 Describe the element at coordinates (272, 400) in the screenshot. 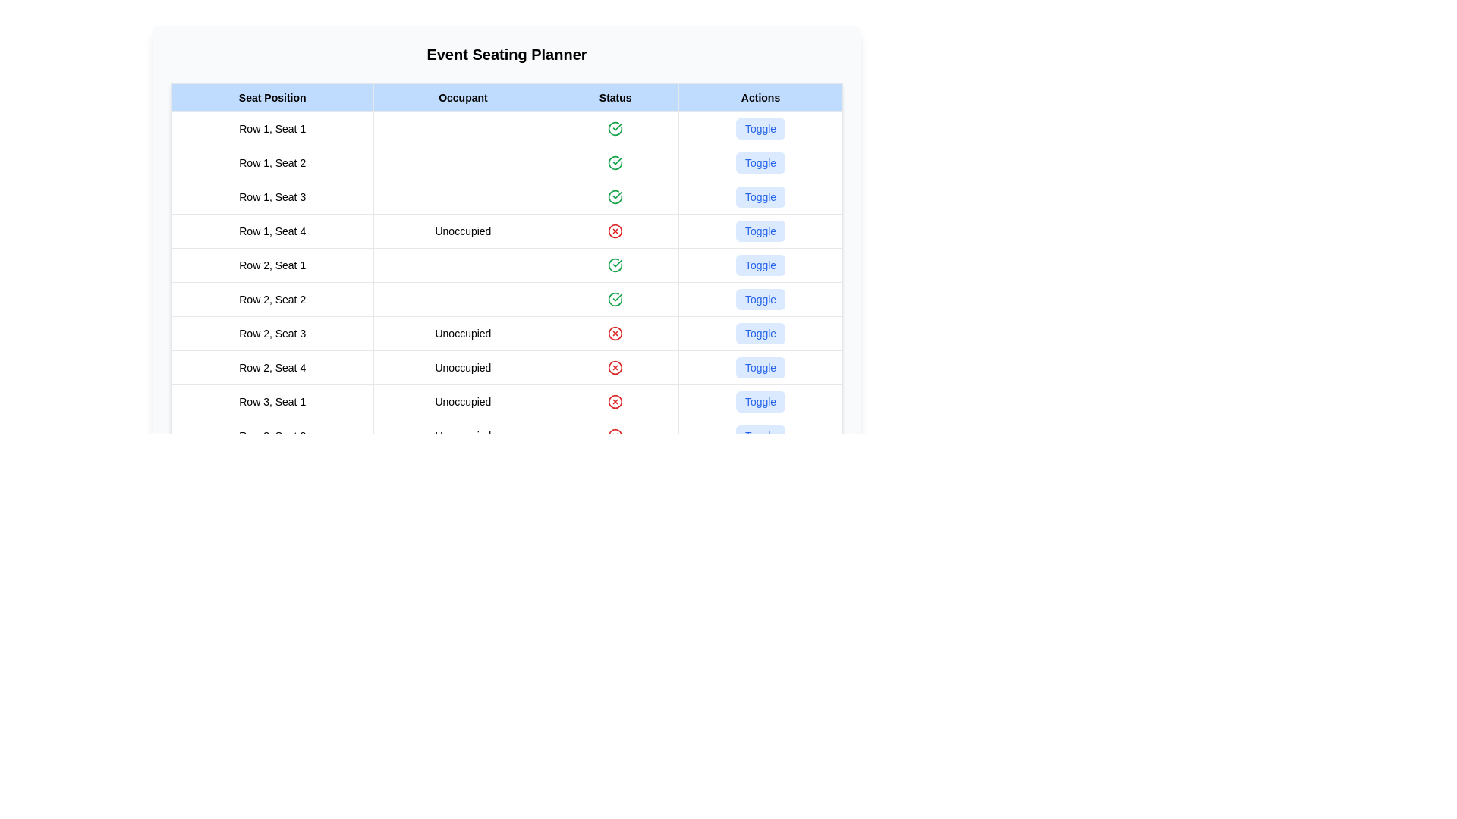

I see `the text cell displaying 'Row 3, Seat 1' in the third row under the 'Seat Position' column of the table layout` at that location.